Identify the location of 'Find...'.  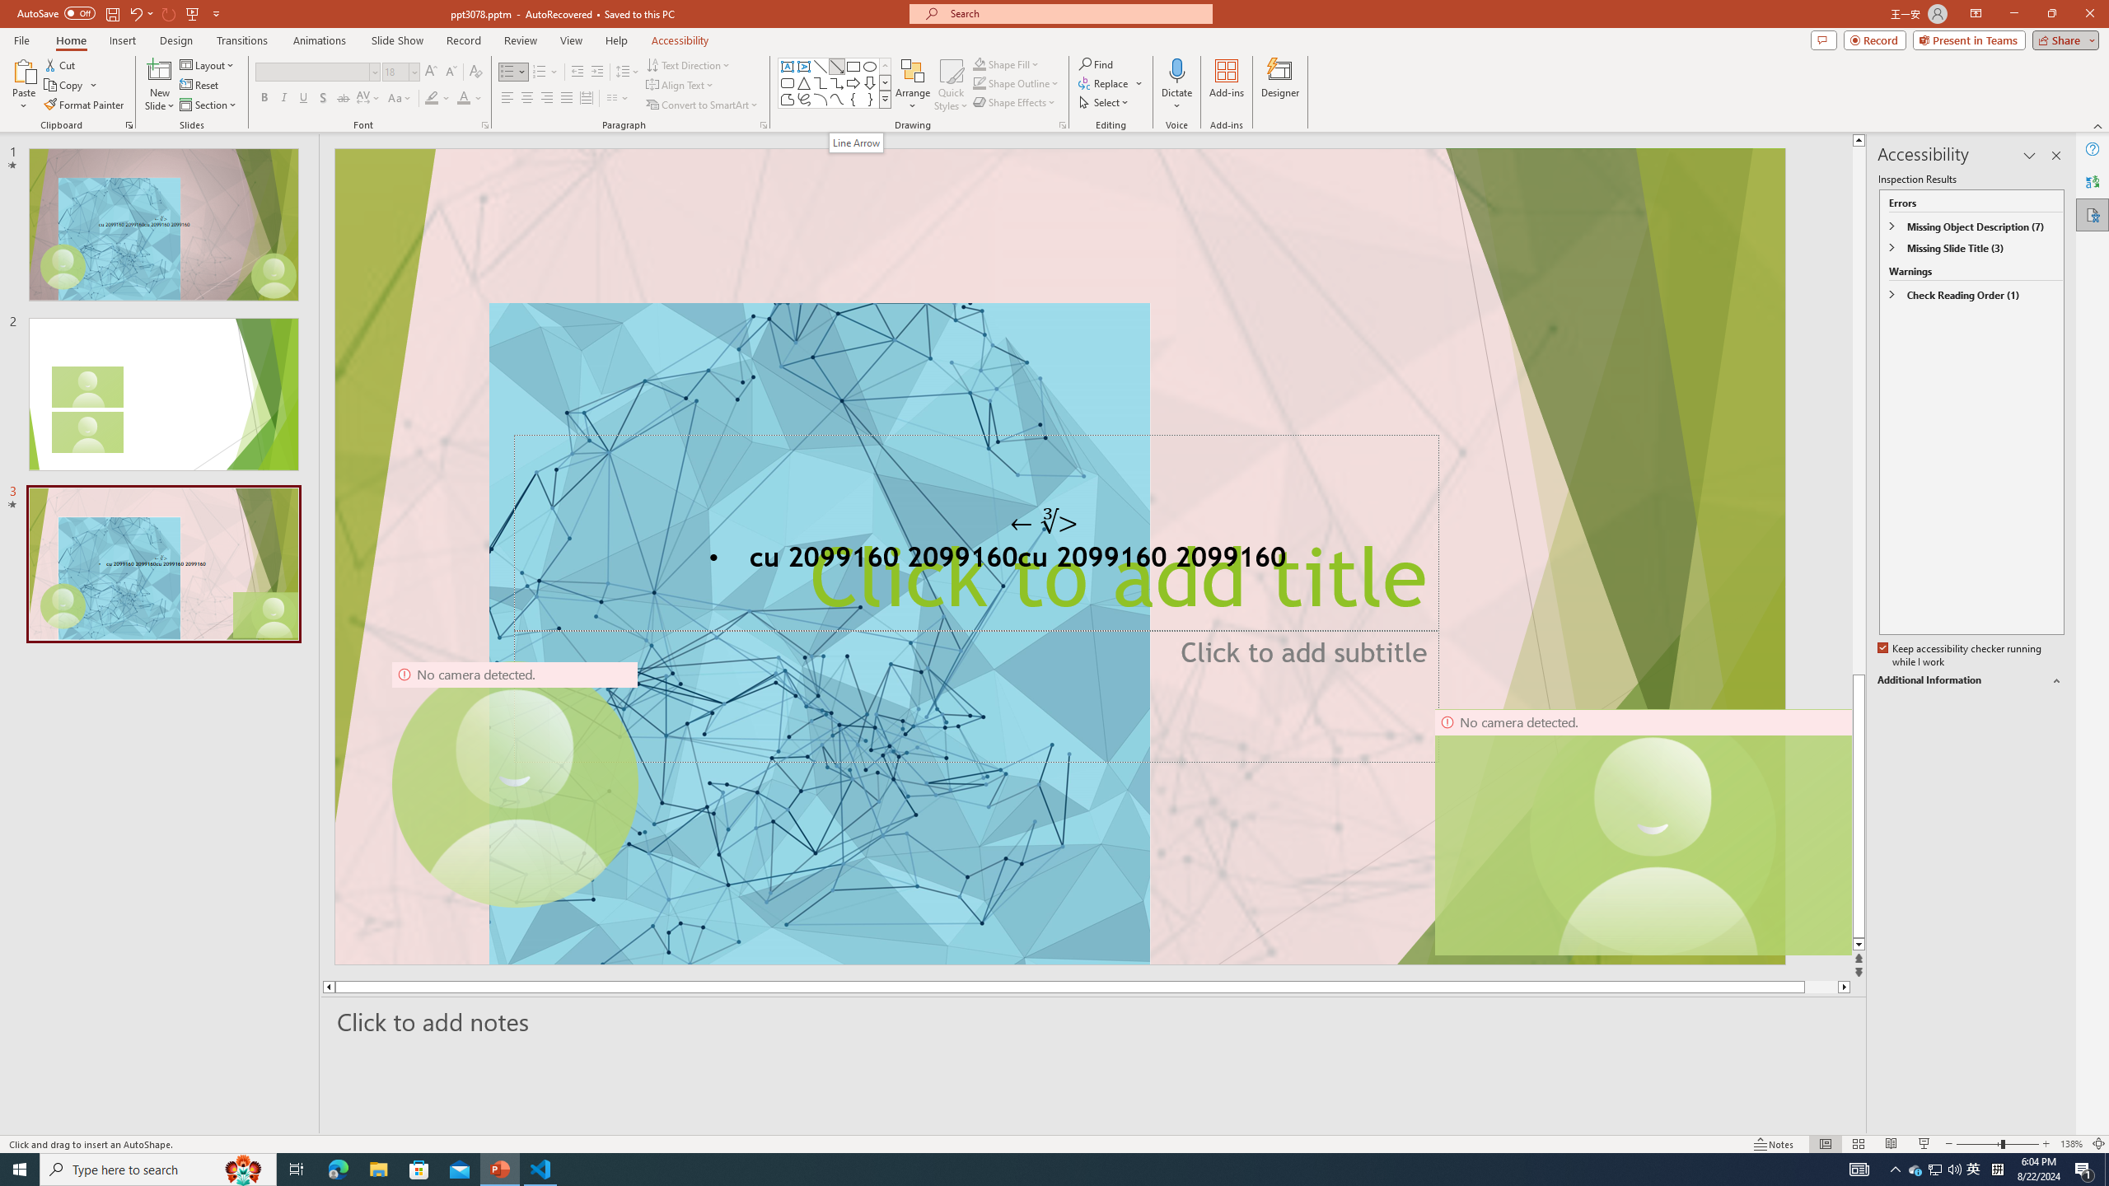
(1096, 63).